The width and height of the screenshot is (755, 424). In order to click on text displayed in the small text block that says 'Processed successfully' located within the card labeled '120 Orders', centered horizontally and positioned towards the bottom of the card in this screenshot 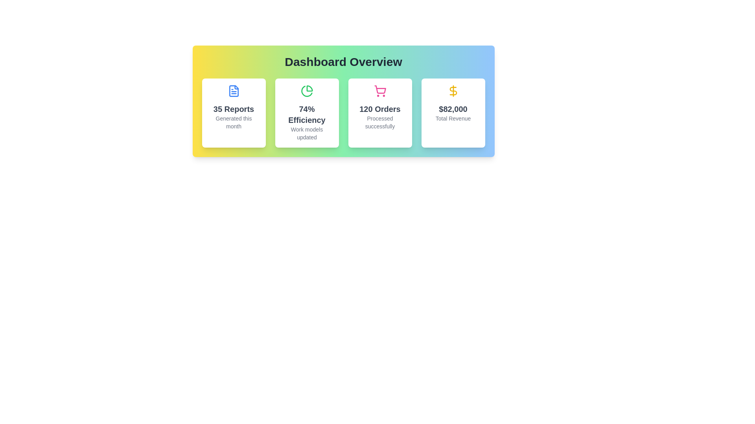, I will do `click(380, 122)`.